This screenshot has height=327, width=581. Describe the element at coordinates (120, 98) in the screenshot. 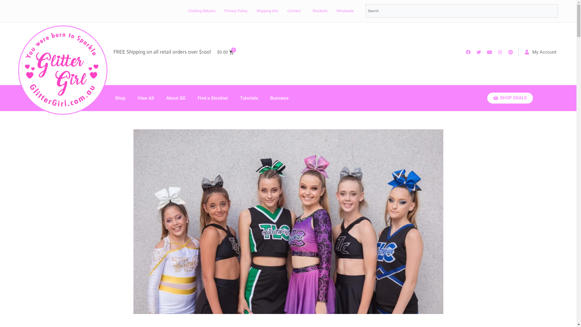

I see `'Shop'` at that location.